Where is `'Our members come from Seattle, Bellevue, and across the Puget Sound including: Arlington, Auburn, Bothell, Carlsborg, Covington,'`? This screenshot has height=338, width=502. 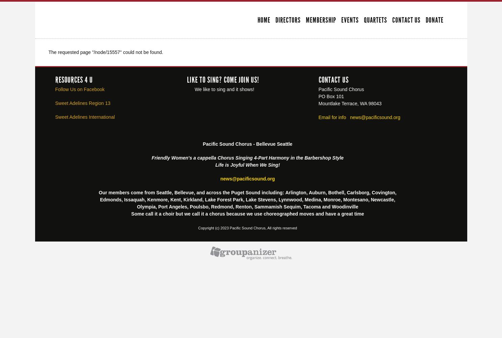
'Our members come from Seattle, Bellevue, and across the Puget Sound including: Arlington, Auburn, Bothell, Carlsborg, Covington,' is located at coordinates (99, 192).